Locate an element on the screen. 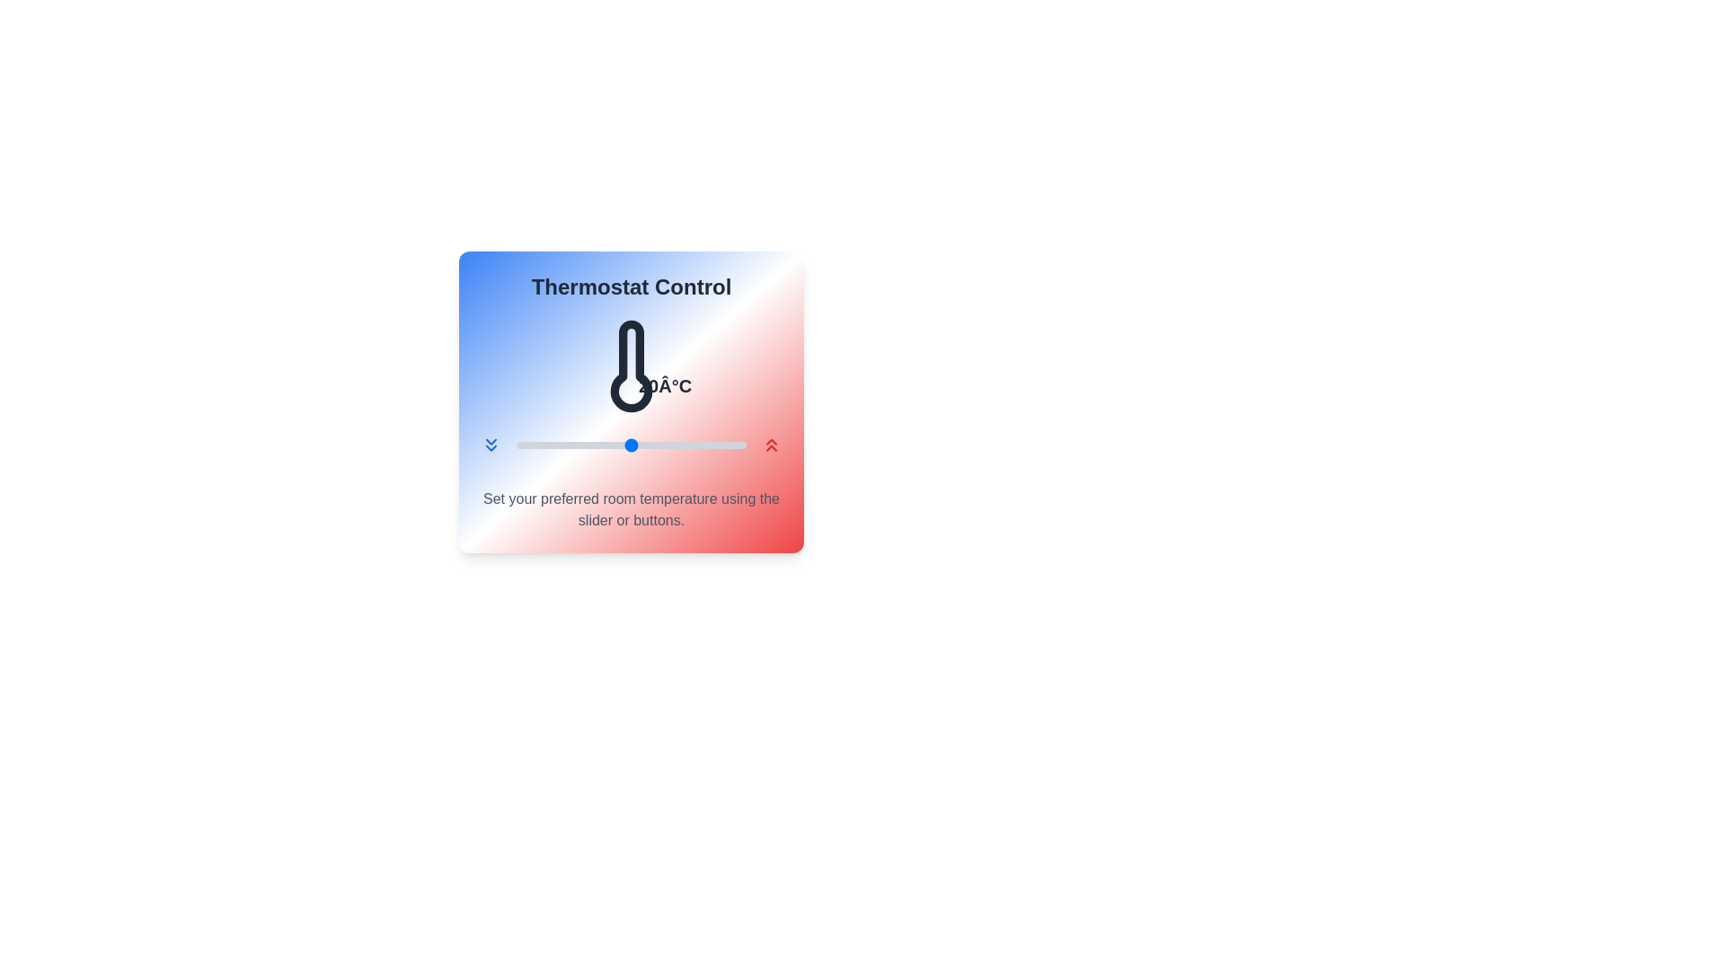 Image resolution: width=1725 pixels, height=970 pixels. the temperature to 13°C using the slider is located at coordinates (550, 445).